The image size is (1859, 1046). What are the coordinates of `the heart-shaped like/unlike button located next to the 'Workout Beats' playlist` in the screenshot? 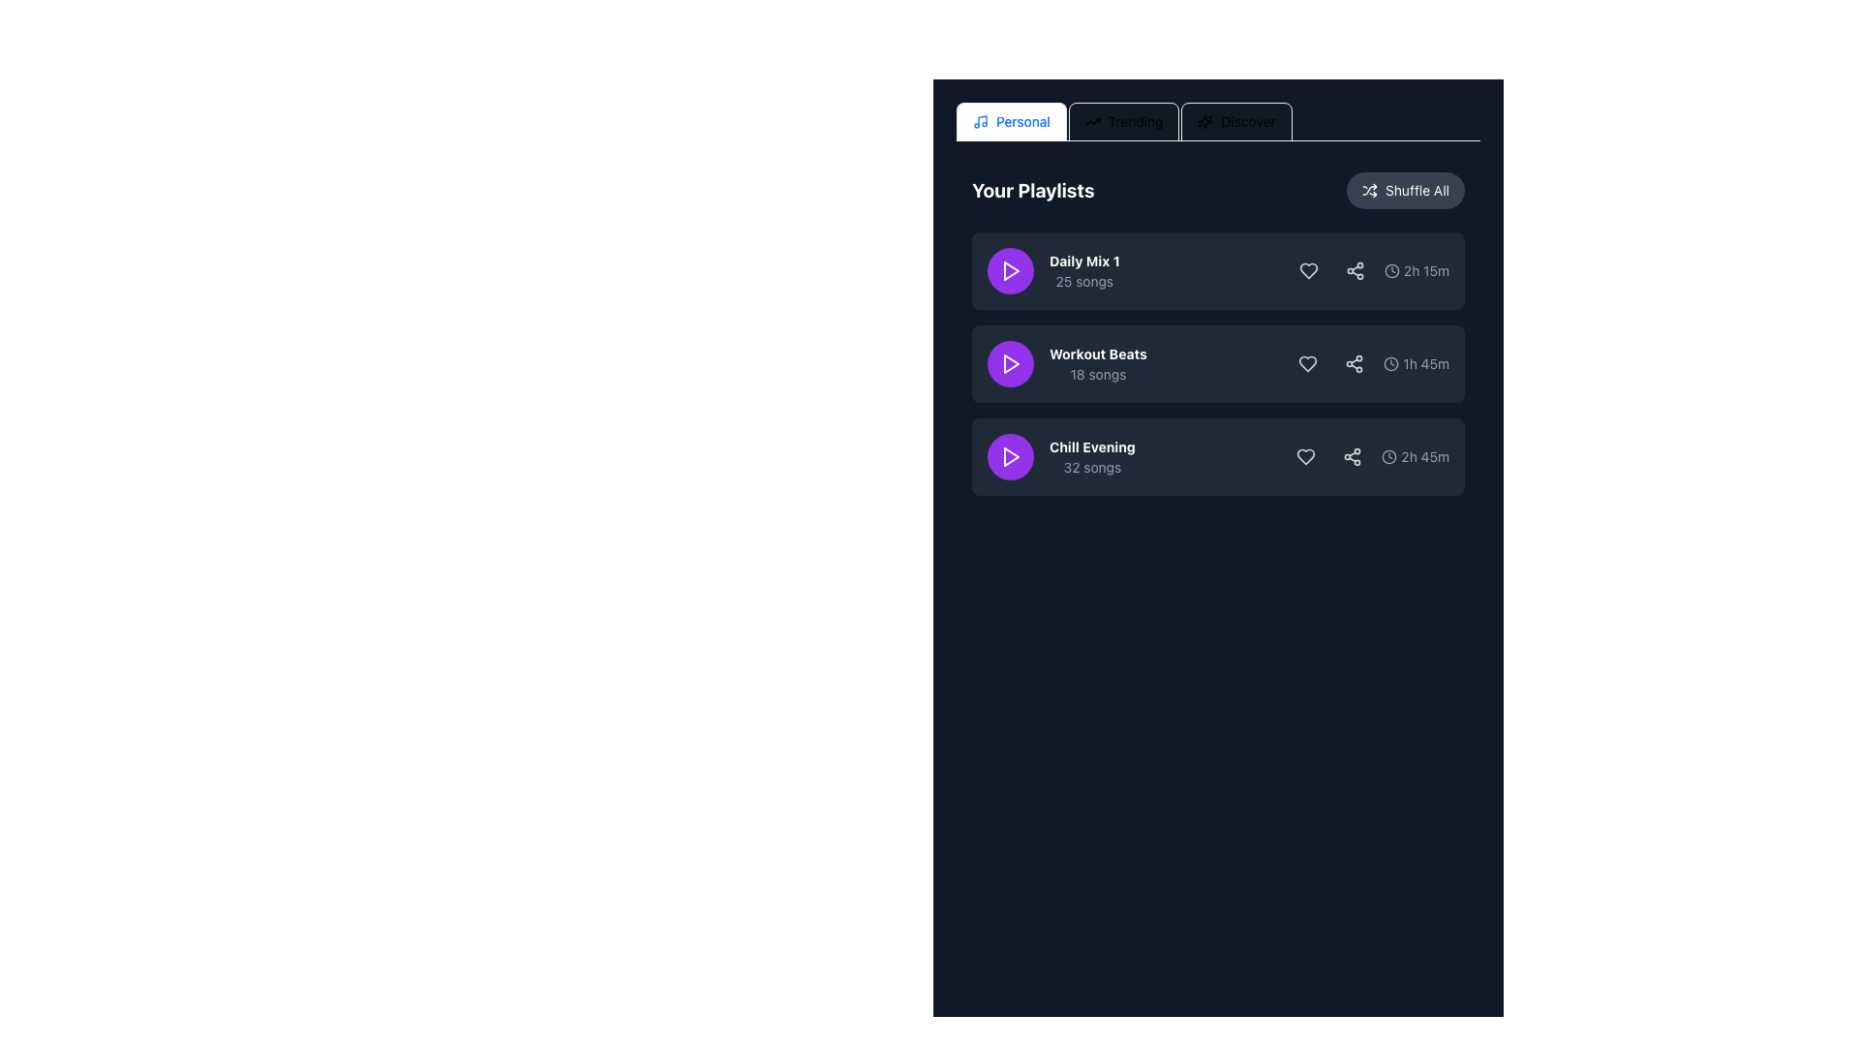 It's located at (1308, 363).